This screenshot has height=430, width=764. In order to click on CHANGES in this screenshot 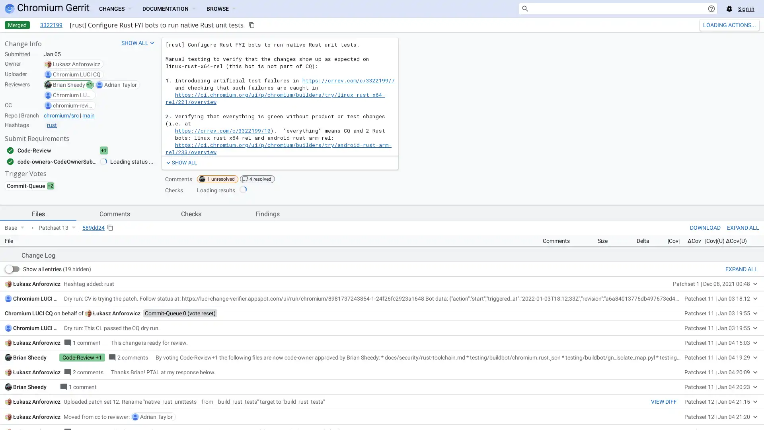, I will do `click(114, 9)`.